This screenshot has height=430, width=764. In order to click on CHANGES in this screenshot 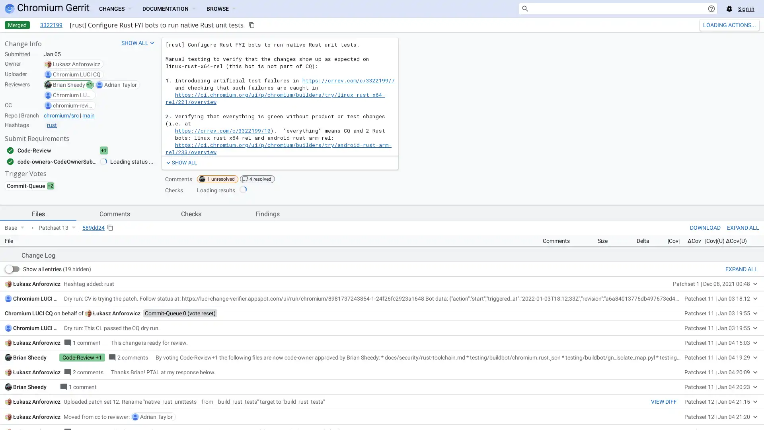, I will do `click(114, 9)`.